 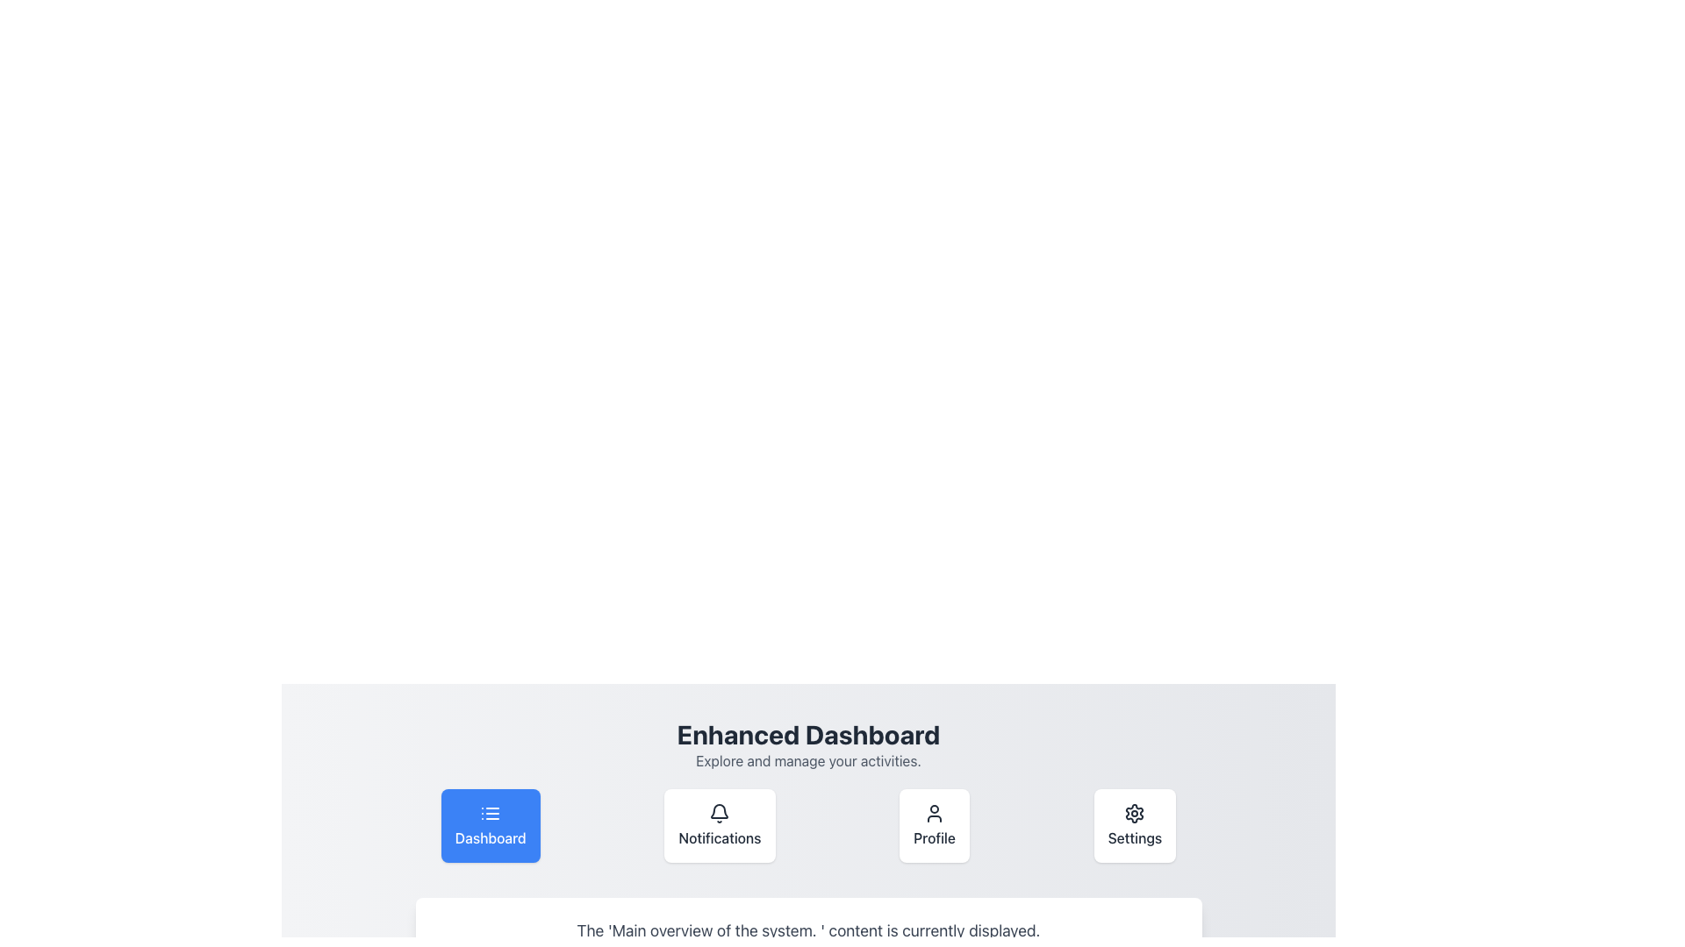 What do you see at coordinates (720, 825) in the screenshot?
I see `the notifications button located in the middle-right of the row of buttons below the 'Enhanced Dashboard' header` at bounding box center [720, 825].